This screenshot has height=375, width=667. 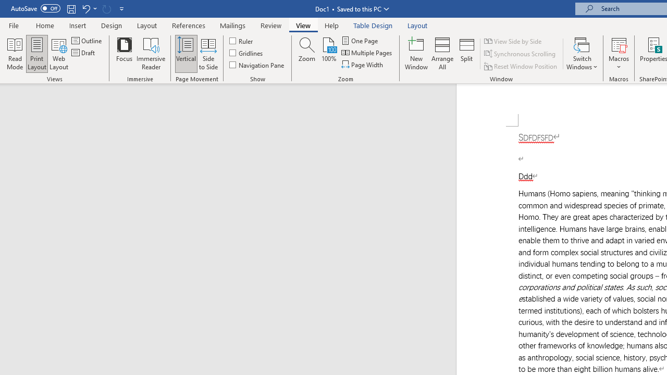 I want to click on 'Immersive Reader', so click(x=150, y=54).